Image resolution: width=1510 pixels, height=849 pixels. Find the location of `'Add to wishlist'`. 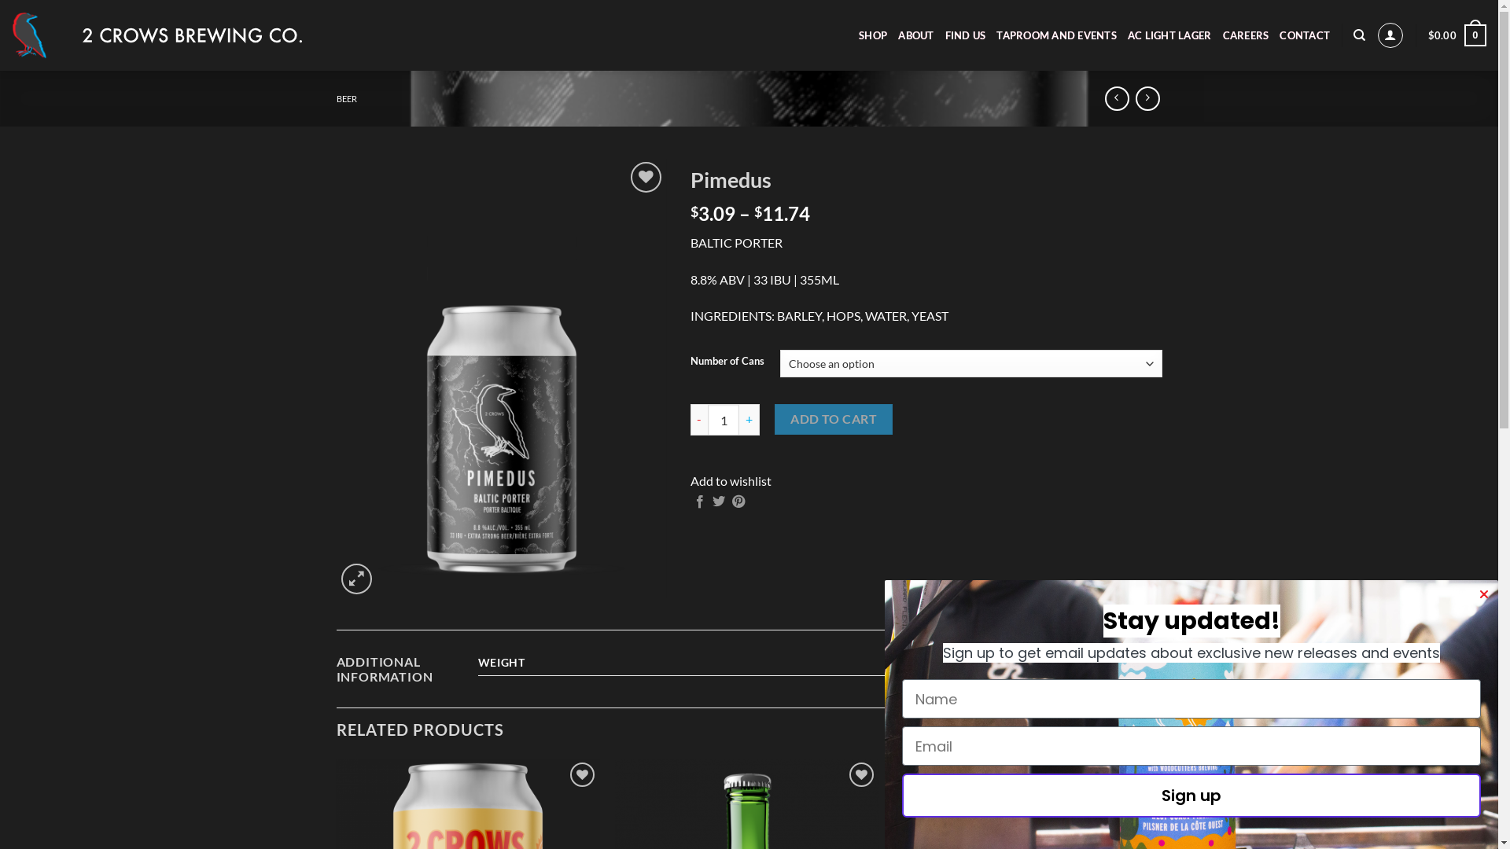

'Add to wishlist' is located at coordinates (730, 480).